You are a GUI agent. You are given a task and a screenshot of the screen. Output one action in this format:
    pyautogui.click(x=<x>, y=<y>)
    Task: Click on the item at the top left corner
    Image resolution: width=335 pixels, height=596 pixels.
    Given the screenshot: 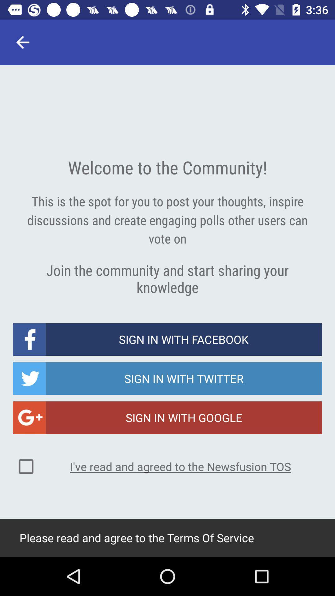 What is the action you would take?
    pyautogui.click(x=22, y=42)
    